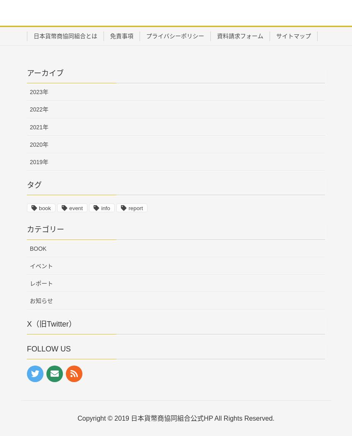  Describe the element at coordinates (37, 248) in the screenshot. I see `'BOOK'` at that location.